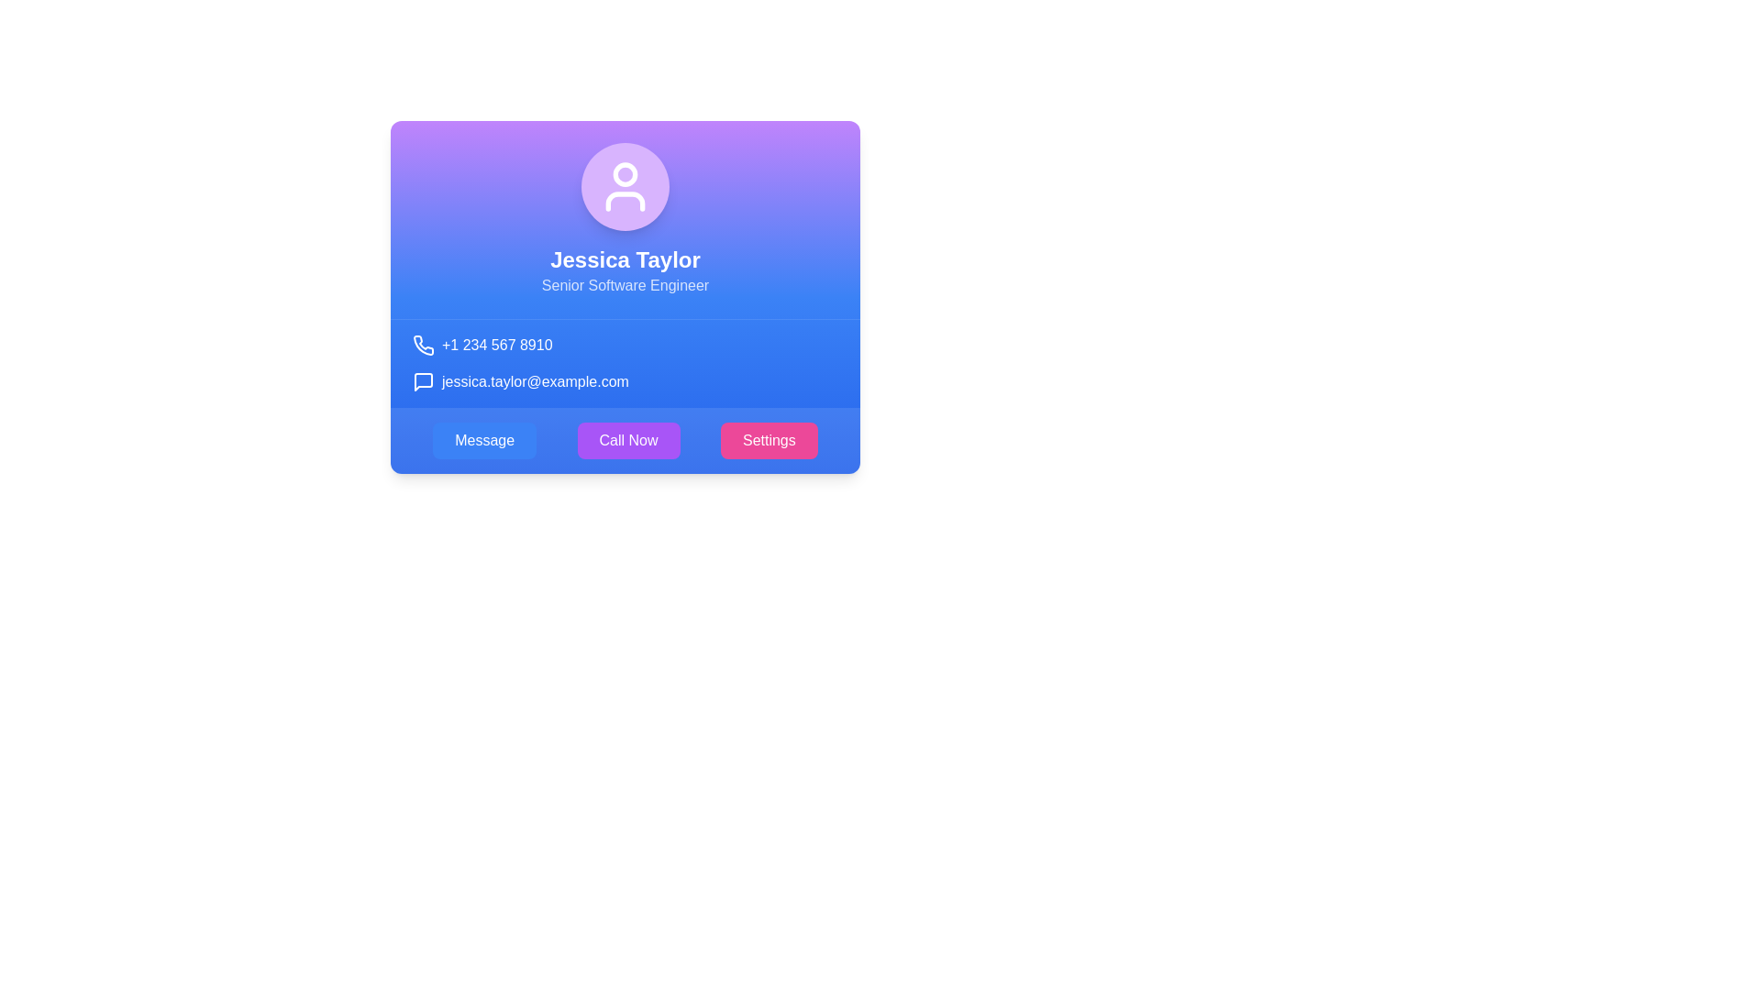  Describe the element at coordinates (625, 187) in the screenshot. I see `the circular icon with a pastel purple background and a white user profile symbol, located above the text 'Jessica Taylor' and 'Senior Software Engineer' in the card layout` at that location.